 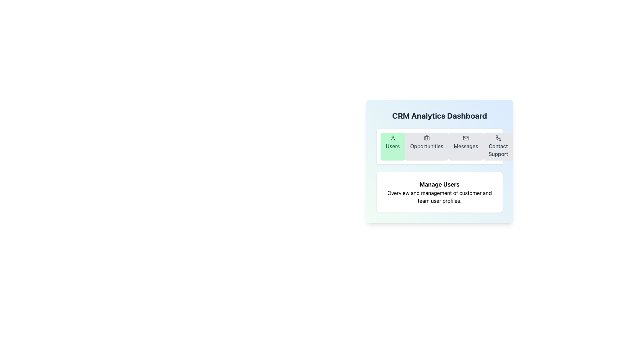 I want to click on the 'Opportunities' text label located within the second button from the left in the horizontal navigation bar, which is identified by its position near the briefcase icon and surrounded by 'Users' and 'Messages' buttons, so click(x=426, y=146).